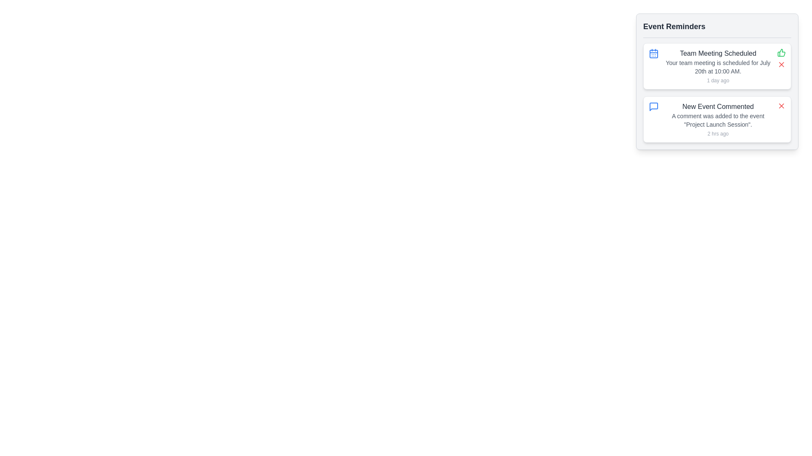  What do you see at coordinates (718, 81) in the screenshot?
I see `the static text display that reads '1 day ago' located below the notification about a scheduled team meeting in the card titled 'Team Meeting Scheduled'` at bounding box center [718, 81].